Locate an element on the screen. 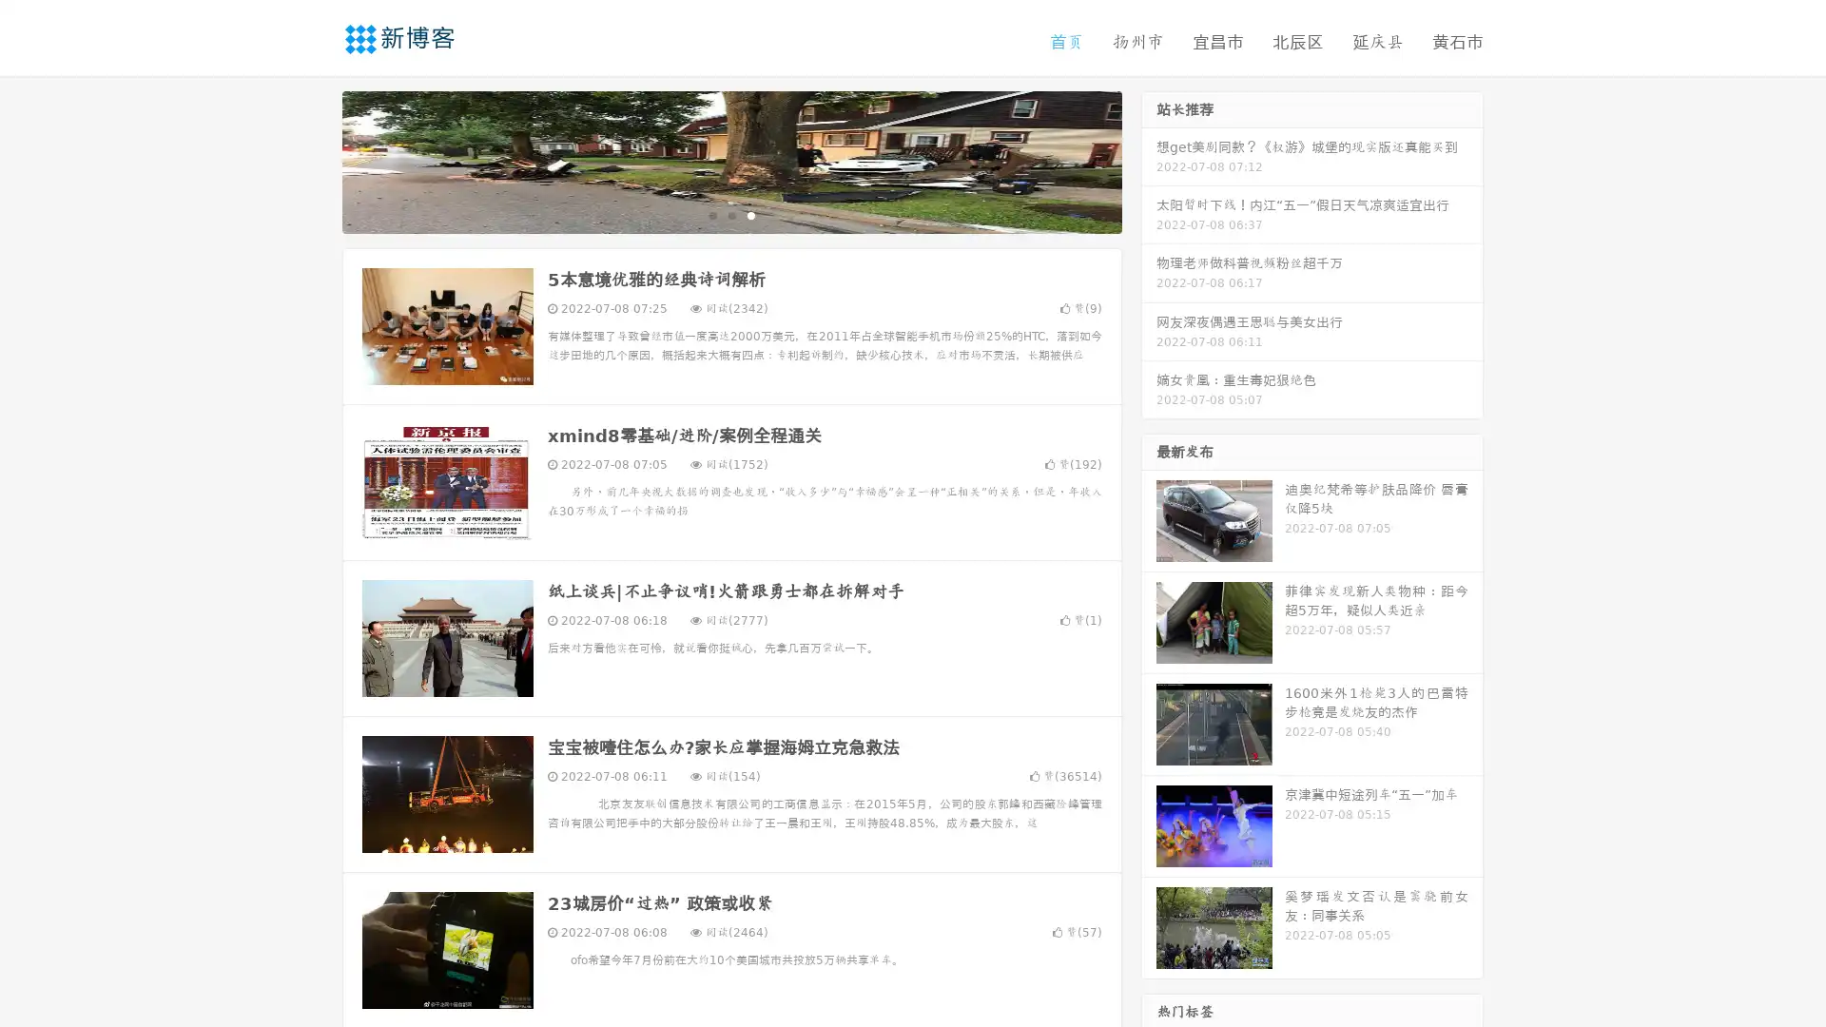  Go to slide 2 is located at coordinates (730, 214).